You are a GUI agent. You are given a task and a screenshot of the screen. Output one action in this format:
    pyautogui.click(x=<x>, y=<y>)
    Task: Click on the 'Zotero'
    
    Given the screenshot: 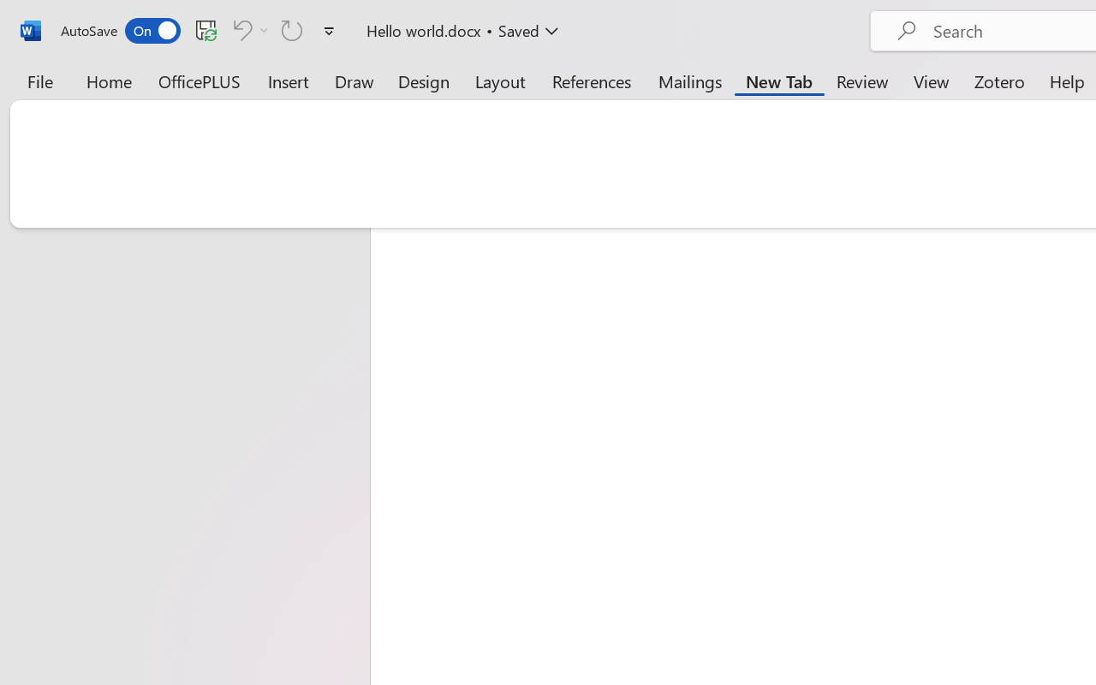 What is the action you would take?
    pyautogui.click(x=999, y=80)
    